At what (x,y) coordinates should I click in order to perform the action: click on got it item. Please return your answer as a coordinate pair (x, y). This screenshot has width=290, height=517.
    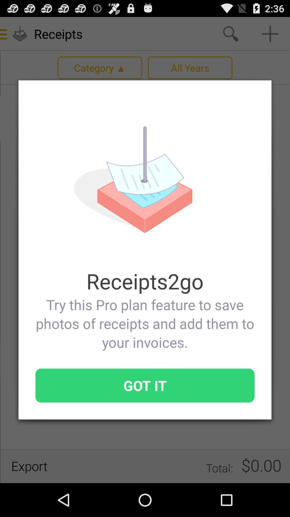
    Looking at the image, I should click on (145, 385).